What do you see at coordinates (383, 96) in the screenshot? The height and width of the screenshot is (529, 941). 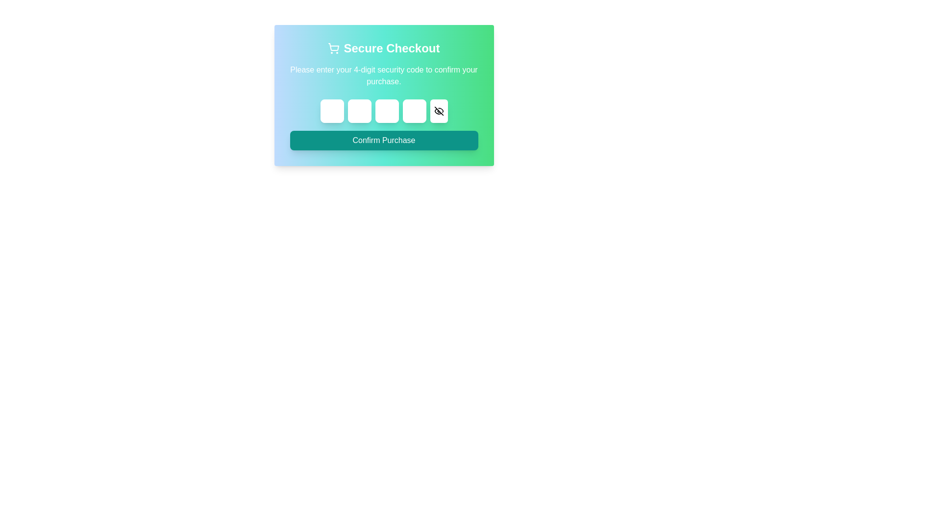 I see `the secure checkout dialog box to focus on the fields for entering a security code` at bounding box center [383, 96].